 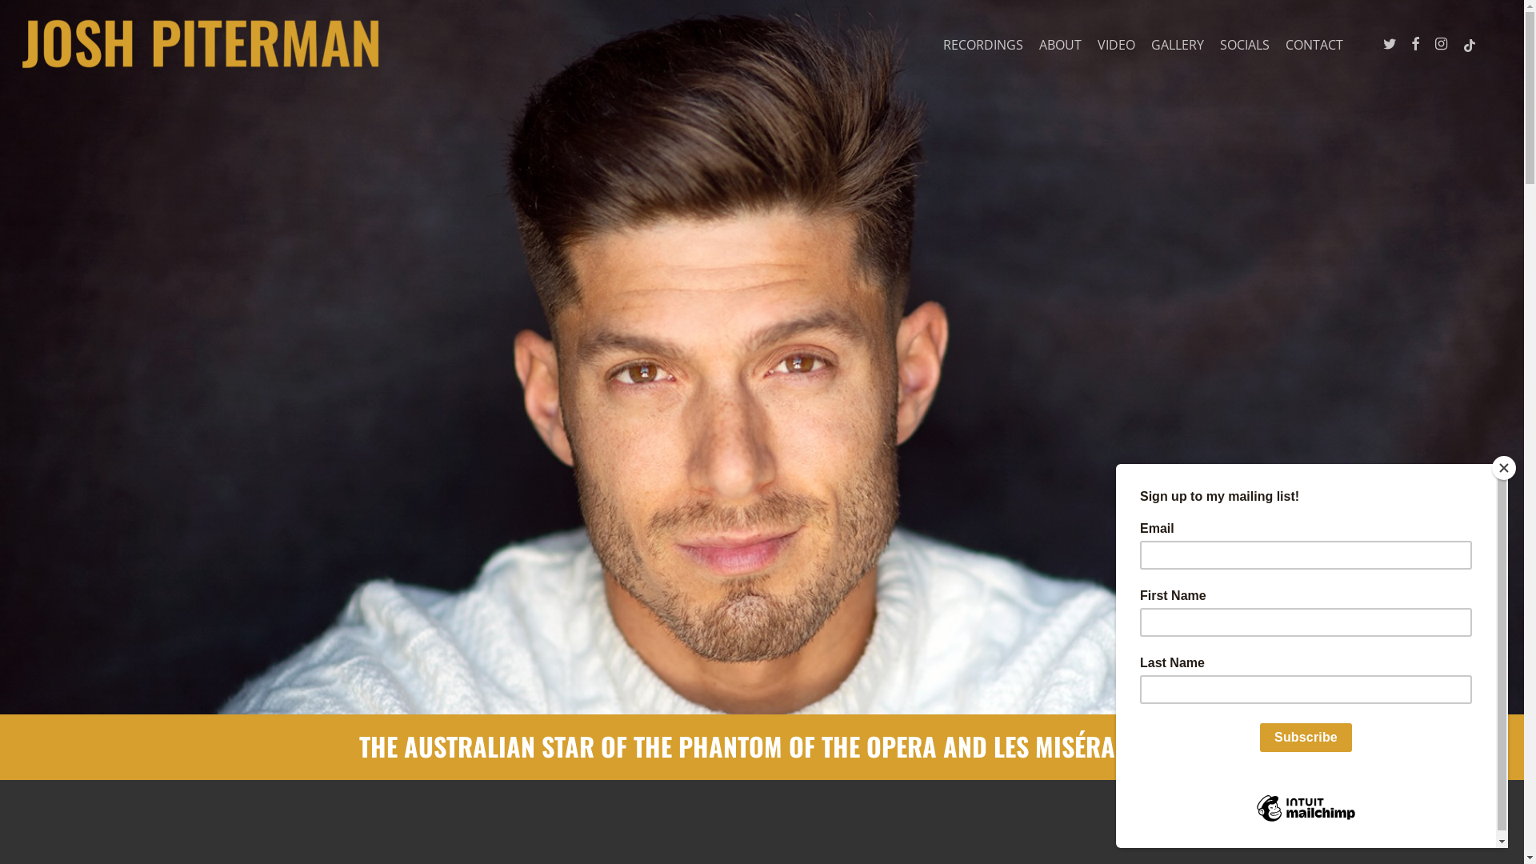 What do you see at coordinates (1415, 42) in the screenshot?
I see `'FACEBOOK'` at bounding box center [1415, 42].